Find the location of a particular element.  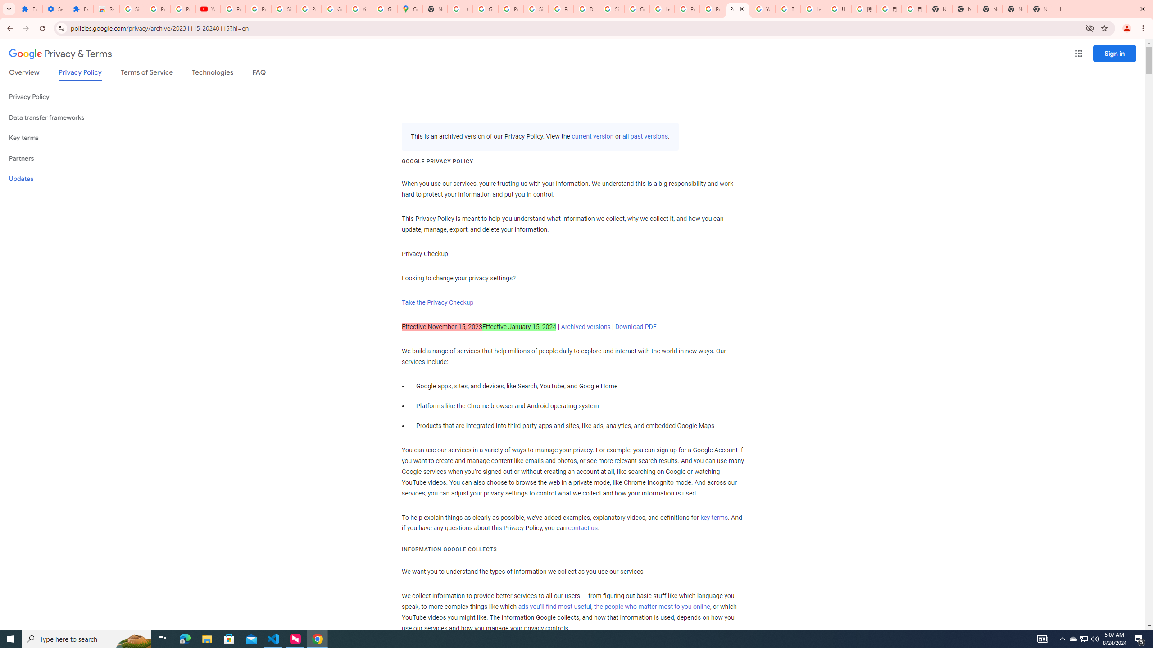

'Privacy Help Center - Policies Help' is located at coordinates (687, 9).